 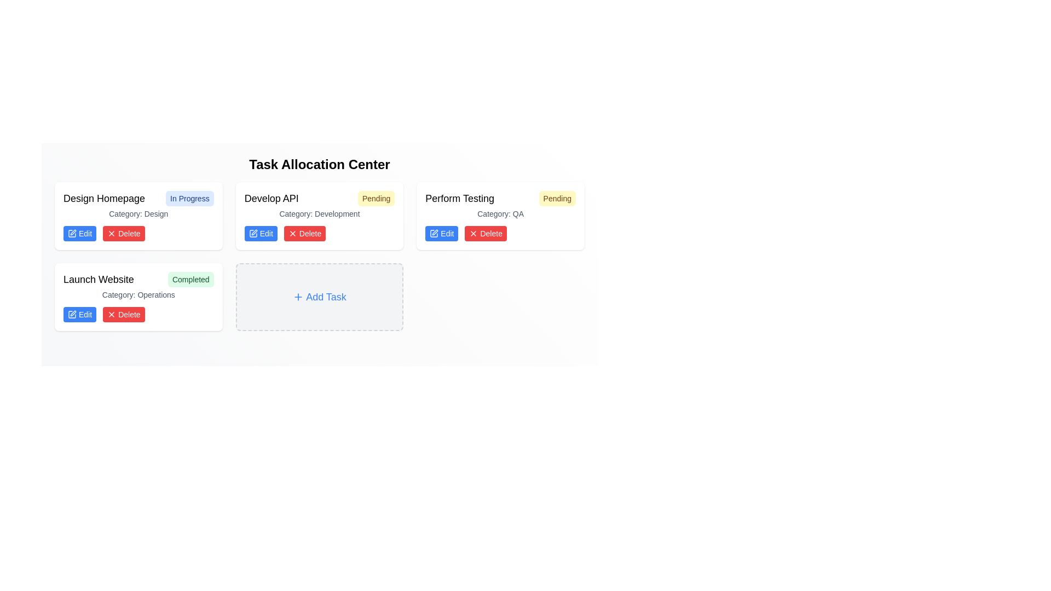 I want to click on the small pen illustration icon within the 'Edit' button located in the task block for 'Develop API', so click(x=252, y=233).